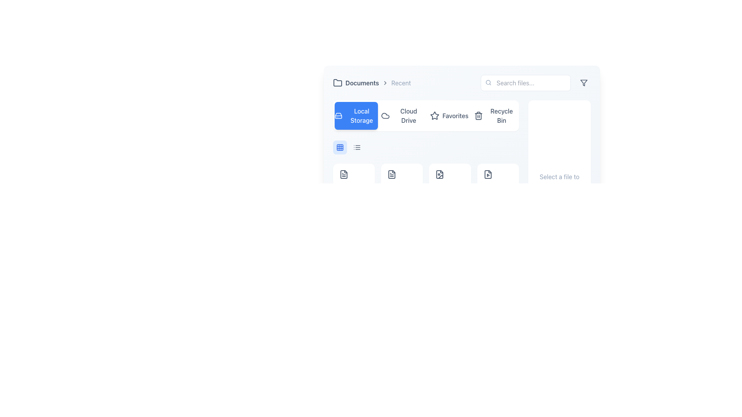  What do you see at coordinates (338, 116) in the screenshot?
I see `the minimalist hard drive icon representing 'Local Storage' in the top navigation bar` at bounding box center [338, 116].